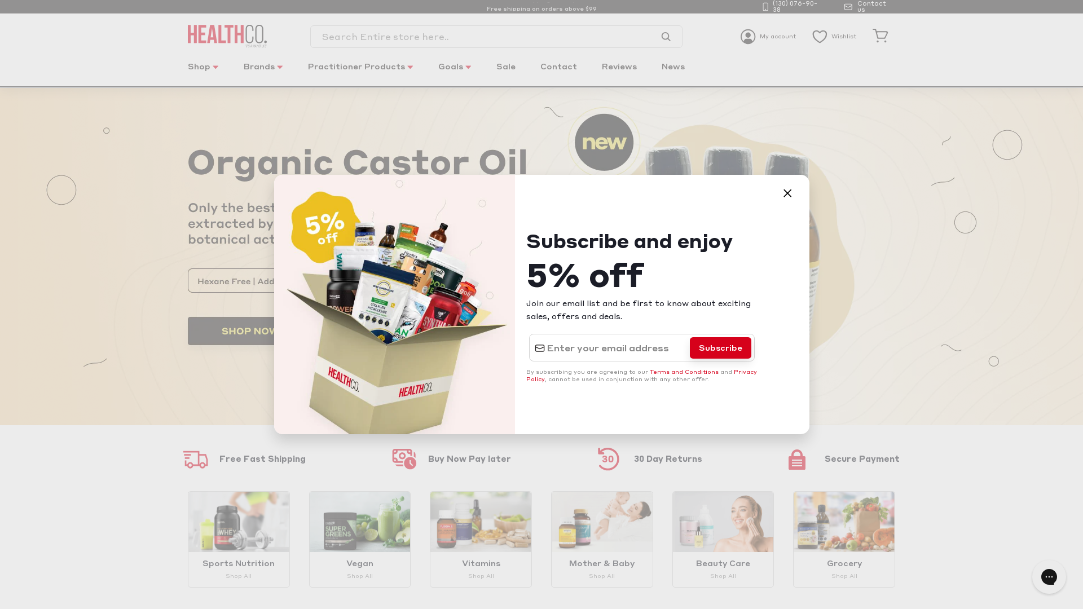  What do you see at coordinates (505, 73) in the screenshot?
I see `'Sale'` at bounding box center [505, 73].